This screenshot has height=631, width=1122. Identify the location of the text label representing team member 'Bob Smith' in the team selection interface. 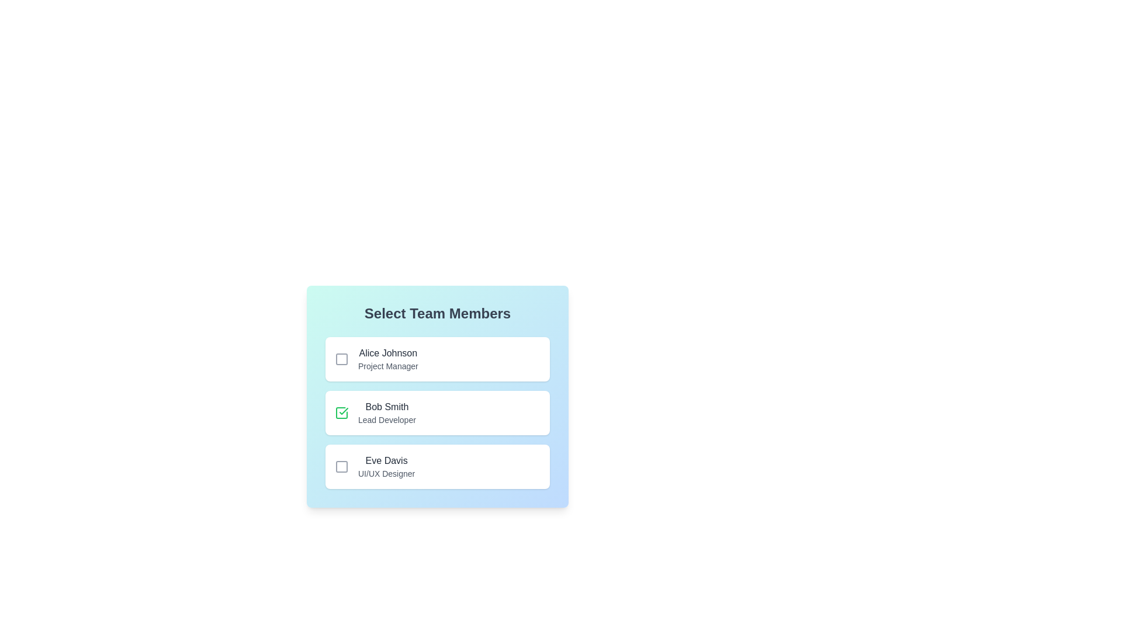
(387, 407).